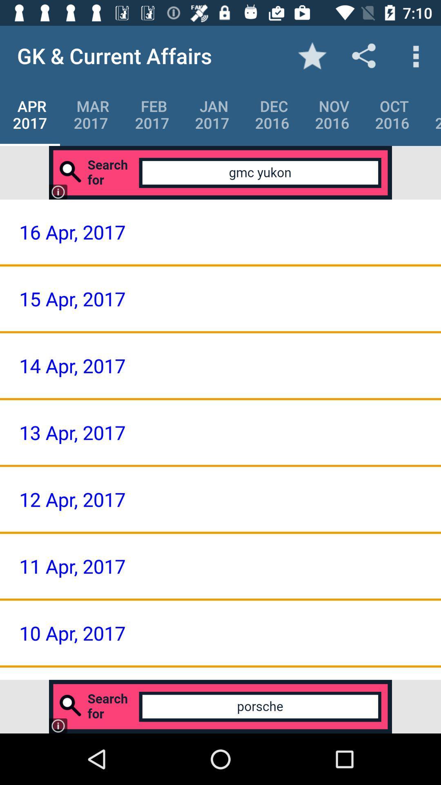 The image size is (441, 785). What do you see at coordinates (91, 114) in the screenshot?
I see `item next to  apr` at bounding box center [91, 114].